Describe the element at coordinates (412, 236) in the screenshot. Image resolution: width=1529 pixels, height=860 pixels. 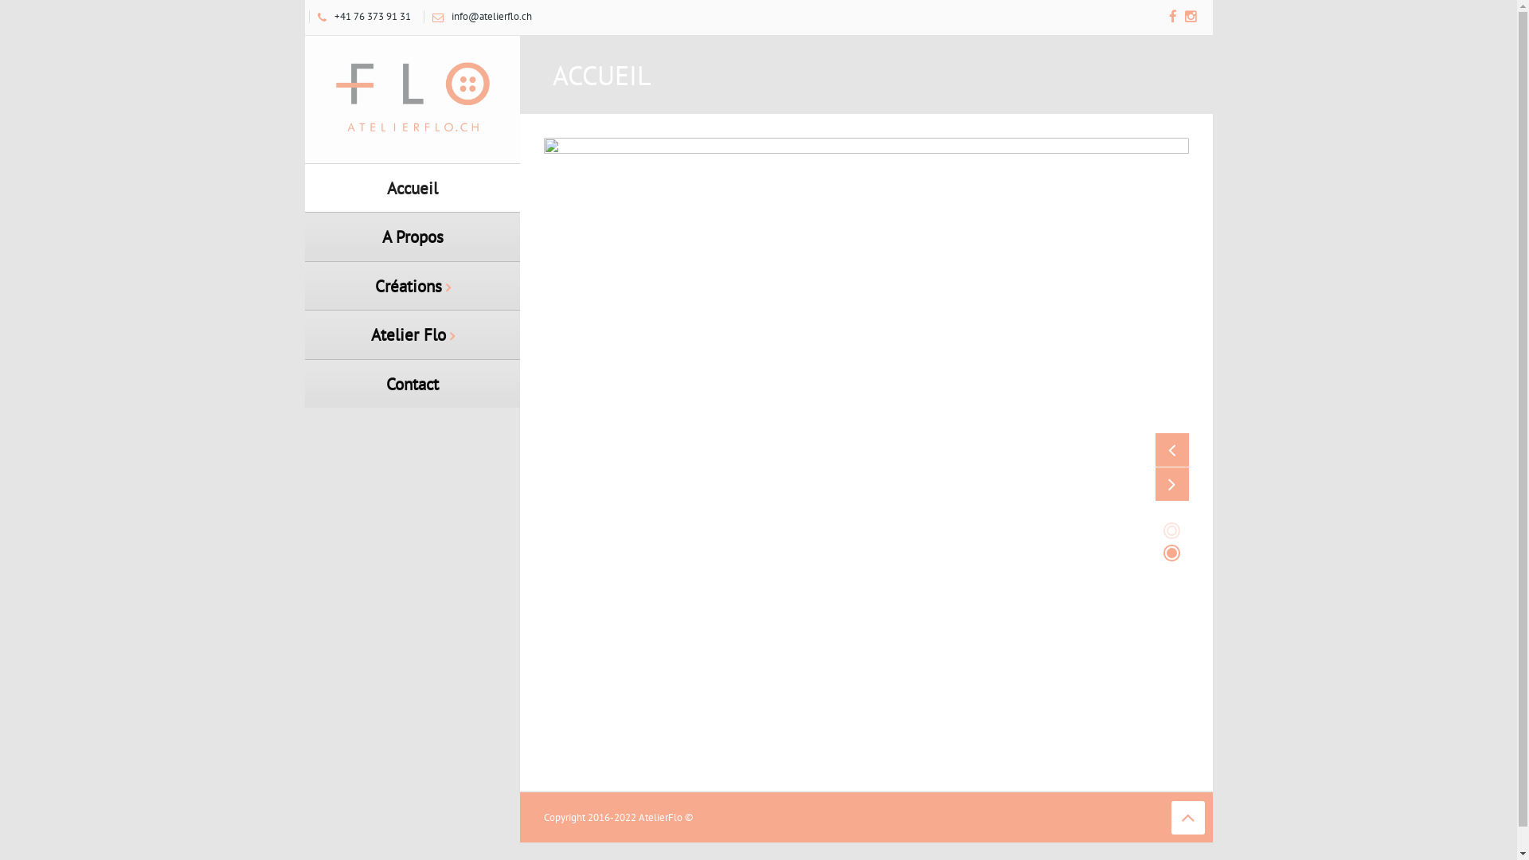
I see `'A Propos'` at that location.